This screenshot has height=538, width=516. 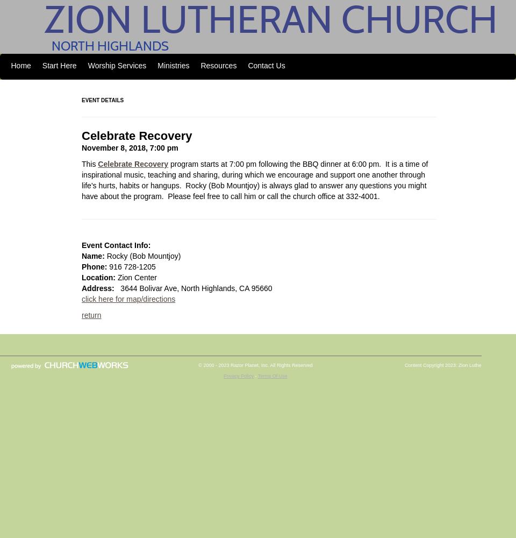 What do you see at coordinates (403, 365) in the screenshot?
I see `'Content Copyright 2023: Zion Lutheran Church'` at bounding box center [403, 365].